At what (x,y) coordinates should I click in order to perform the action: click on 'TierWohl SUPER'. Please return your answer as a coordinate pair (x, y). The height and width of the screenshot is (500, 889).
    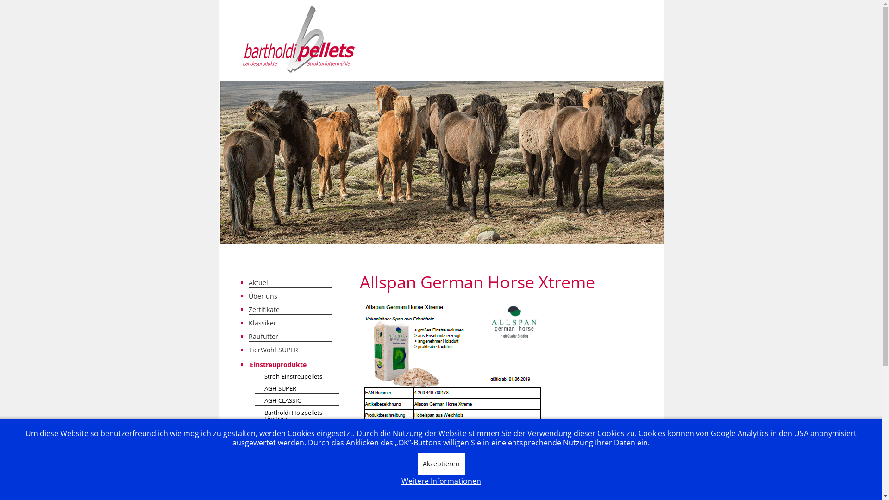
    Looking at the image, I should click on (289, 350).